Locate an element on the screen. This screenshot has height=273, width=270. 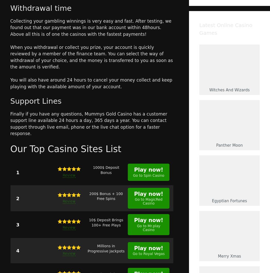
'Go to Spin Casino' is located at coordinates (148, 175).